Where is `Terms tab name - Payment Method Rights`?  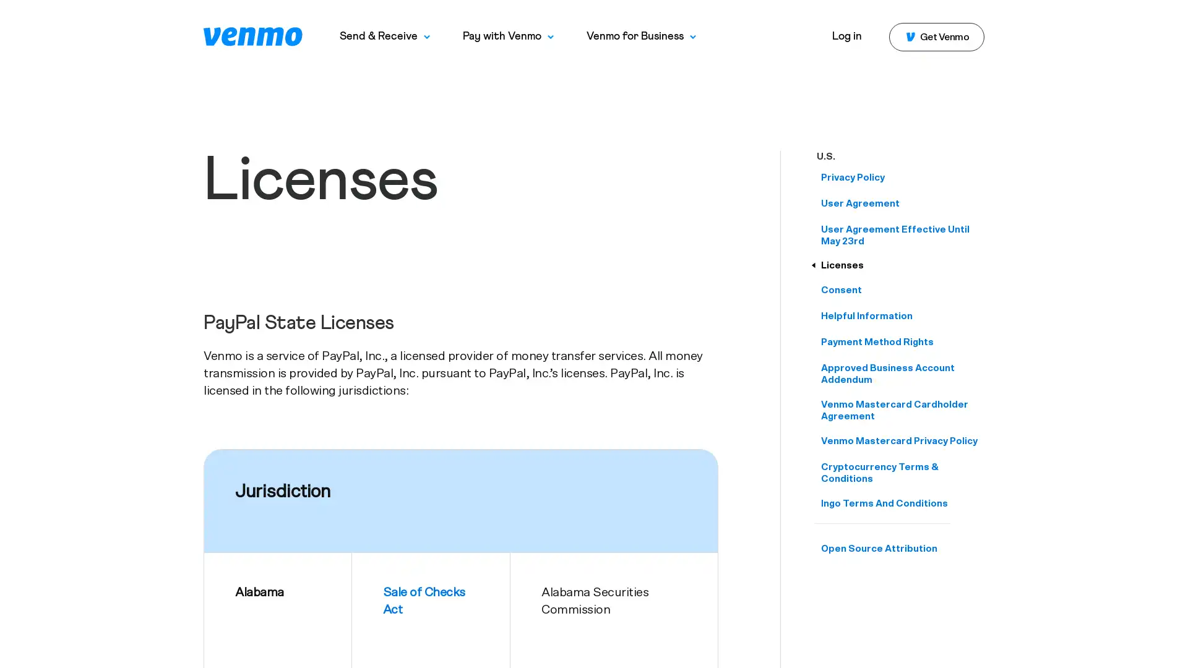
Terms tab name - Payment Method Rights is located at coordinates (902, 342).